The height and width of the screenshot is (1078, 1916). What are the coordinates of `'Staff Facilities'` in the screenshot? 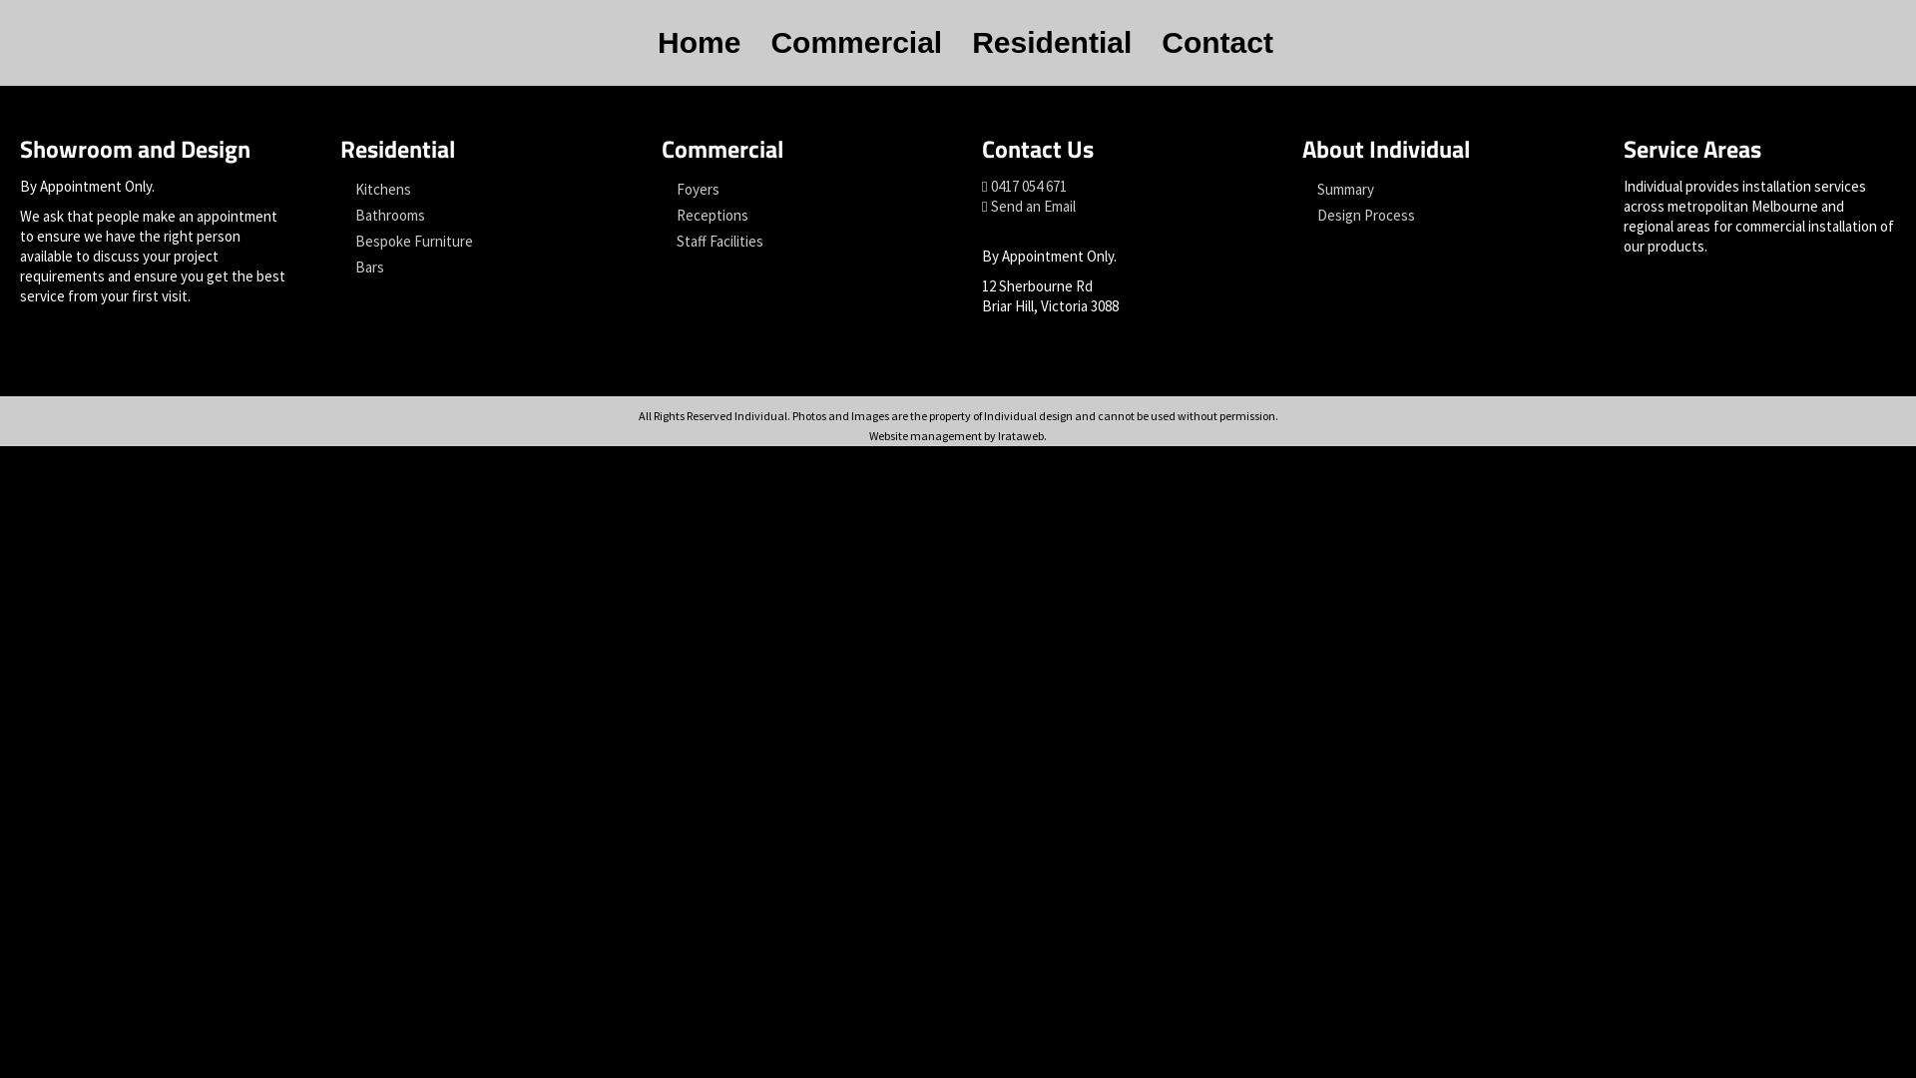 It's located at (796, 241).